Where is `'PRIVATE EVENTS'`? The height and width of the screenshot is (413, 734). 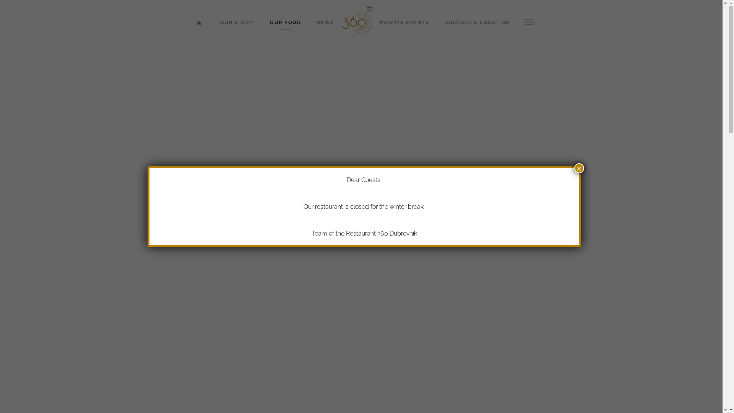
'PRIVATE EVENTS' is located at coordinates (404, 23).